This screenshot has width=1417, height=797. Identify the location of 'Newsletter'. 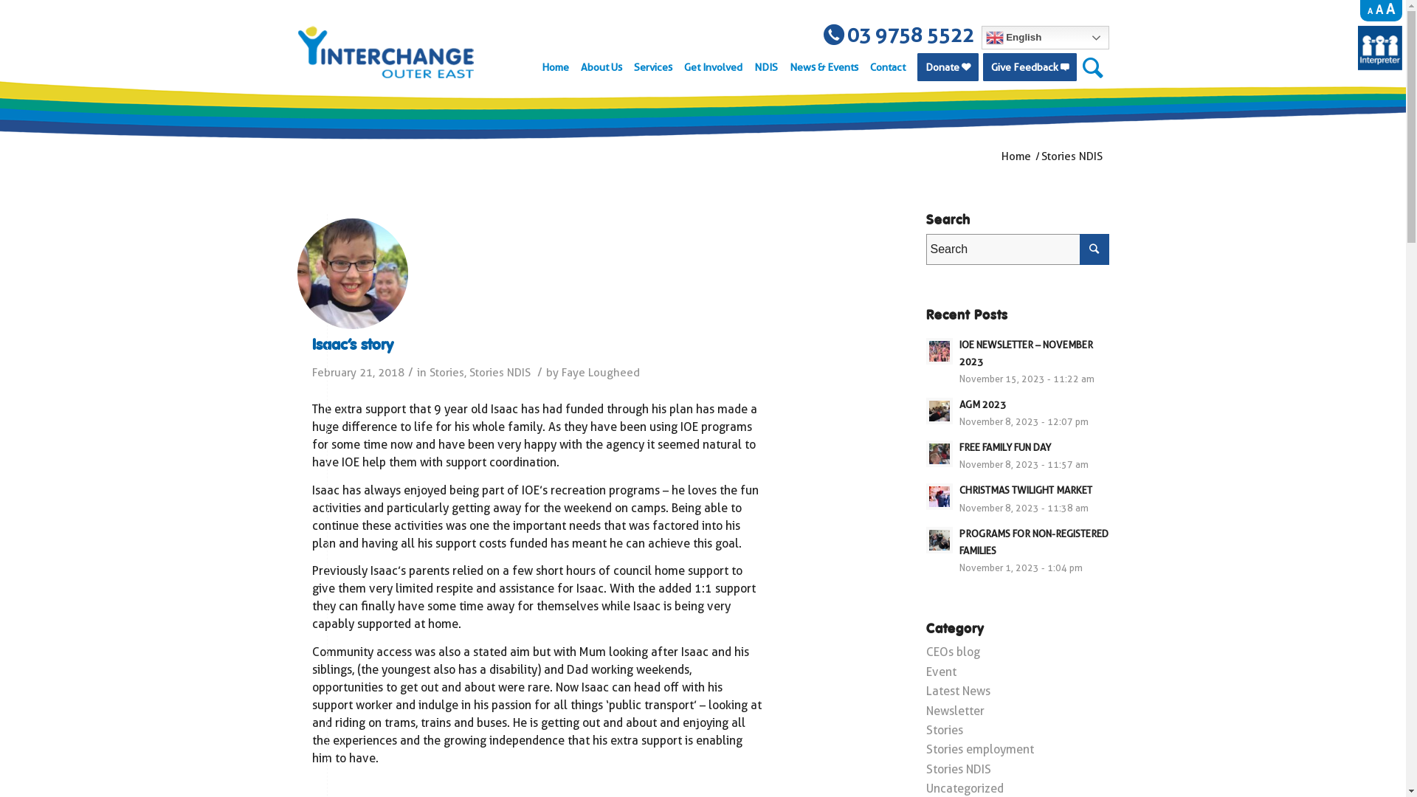
(954, 710).